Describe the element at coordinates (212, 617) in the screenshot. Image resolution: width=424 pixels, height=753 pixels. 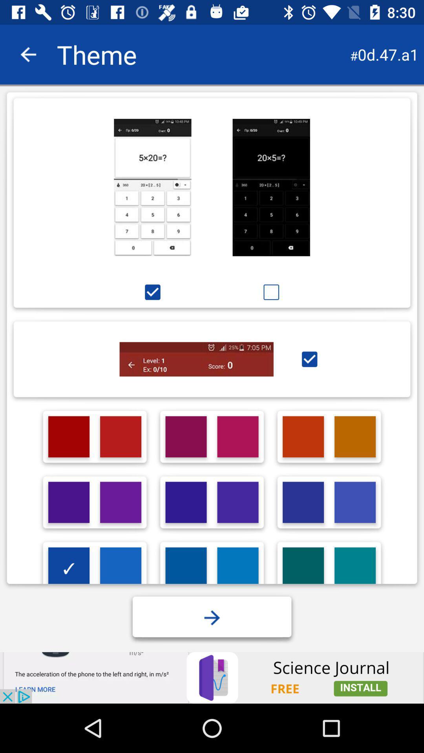
I see `going to next option` at that location.